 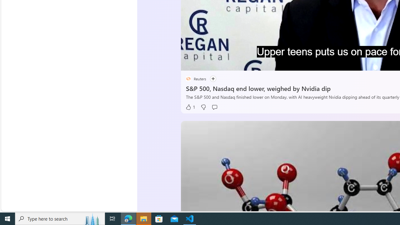 What do you see at coordinates (212, 78) in the screenshot?
I see `'Follow'` at bounding box center [212, 78].